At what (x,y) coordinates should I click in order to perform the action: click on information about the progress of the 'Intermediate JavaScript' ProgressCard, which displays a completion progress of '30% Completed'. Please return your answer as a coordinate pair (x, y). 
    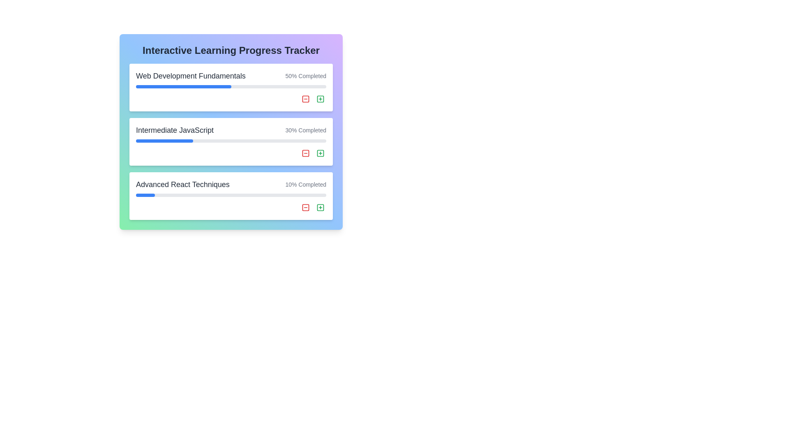
    Looking at the image, I should click on (231, 131).